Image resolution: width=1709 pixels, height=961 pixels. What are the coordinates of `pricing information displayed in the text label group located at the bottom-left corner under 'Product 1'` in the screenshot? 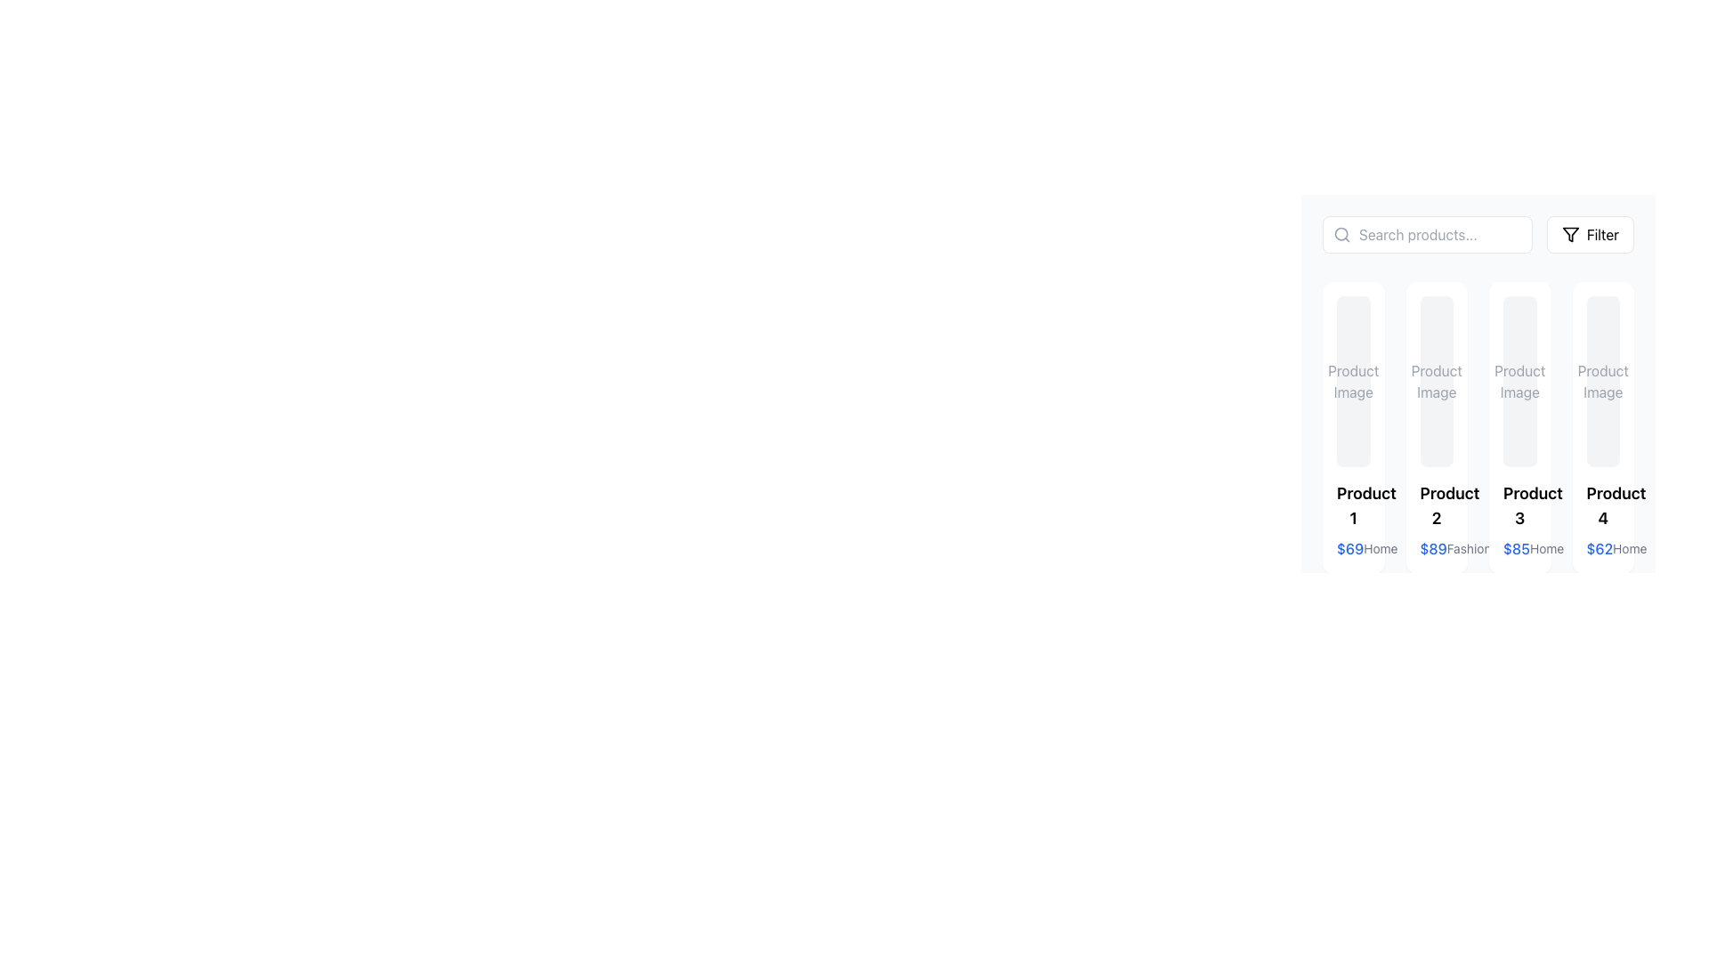 It's located at (1353, 548).